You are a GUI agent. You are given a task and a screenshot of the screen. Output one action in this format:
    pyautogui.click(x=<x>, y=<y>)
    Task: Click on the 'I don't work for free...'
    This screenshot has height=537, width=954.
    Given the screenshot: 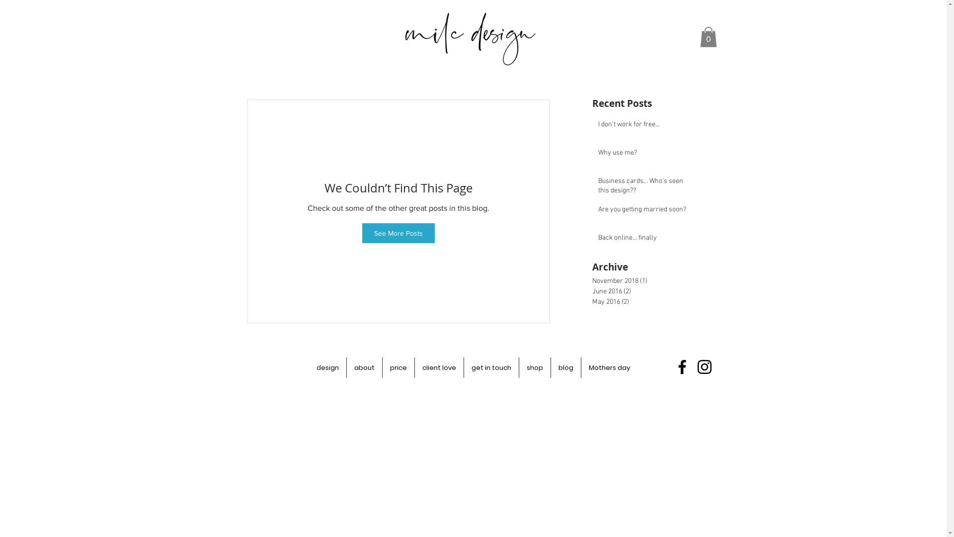 What is the action you would take?
    pyautogui.click(x=643, y=126)
    